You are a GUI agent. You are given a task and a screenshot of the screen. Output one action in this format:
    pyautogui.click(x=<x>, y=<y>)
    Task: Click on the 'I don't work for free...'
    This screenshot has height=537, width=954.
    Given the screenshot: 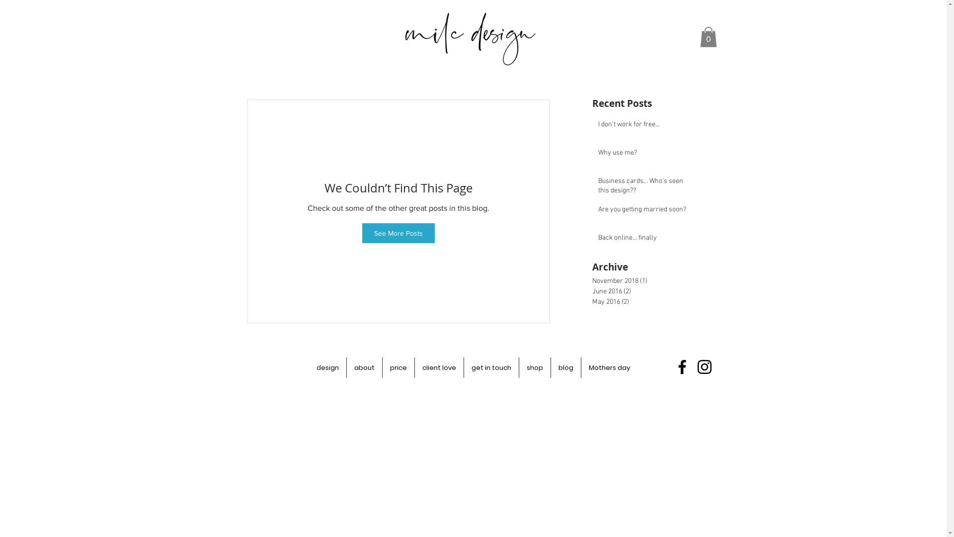 What is the action you would take?
    pyautogui.click(x=643, y=126)
    